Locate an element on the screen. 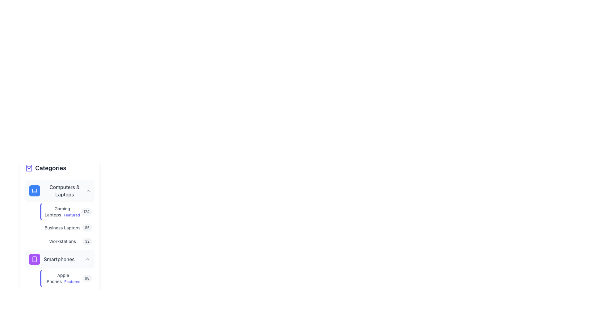 The image size is (593, 333). the Icon Button representing the 'Computers & Laptops' category, located to the left of the text 'Computers & Laptops' is located at coordinates (34, 190).